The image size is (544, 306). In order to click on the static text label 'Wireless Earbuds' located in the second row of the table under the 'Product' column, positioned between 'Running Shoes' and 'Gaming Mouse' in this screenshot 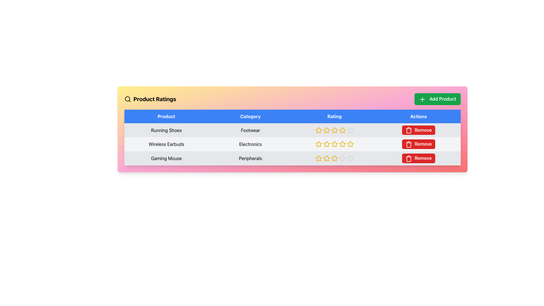, I will do `click(166, 144)`.